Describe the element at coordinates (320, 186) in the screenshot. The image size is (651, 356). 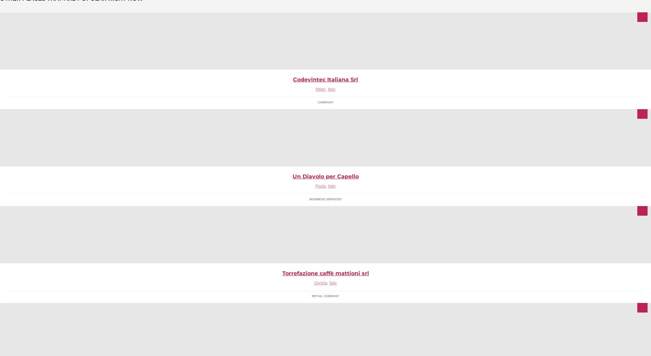
I see `'Pavia'` at that location.